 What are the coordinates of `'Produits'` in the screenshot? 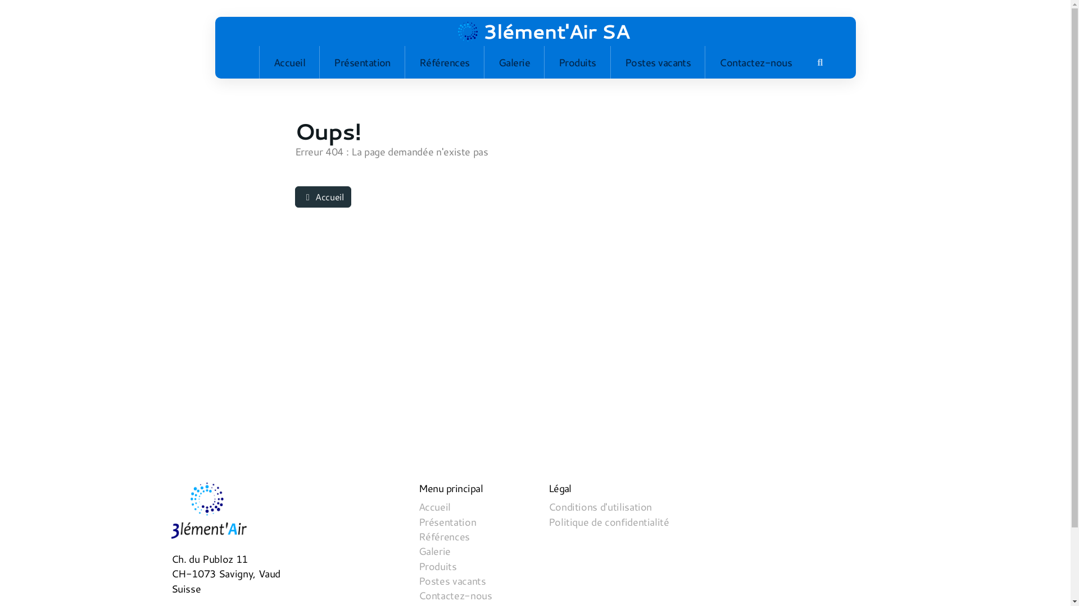 It's located at (436, 566).